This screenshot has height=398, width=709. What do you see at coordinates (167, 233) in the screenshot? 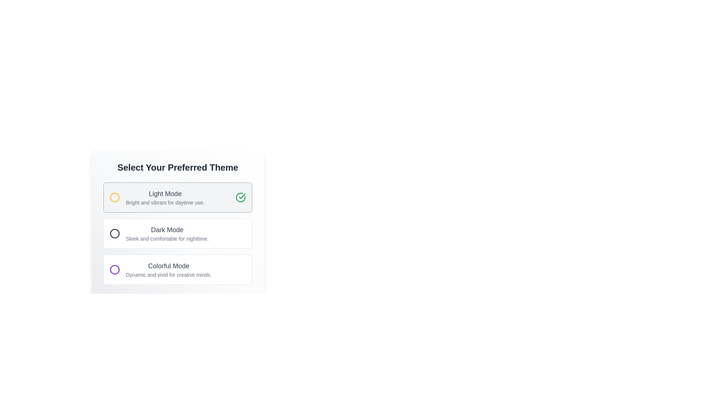
I see `descriptive text for the 'Dark Mode' option, which is the second selectable theme in the list, featuring larger bold text and smaller lighter text underneath` at bounding box center [167, 233].